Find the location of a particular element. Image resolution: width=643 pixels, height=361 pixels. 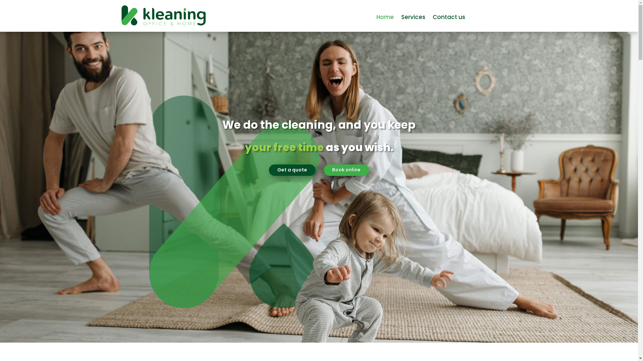

'Kleaning home office' is located at coordinates (121, 15).